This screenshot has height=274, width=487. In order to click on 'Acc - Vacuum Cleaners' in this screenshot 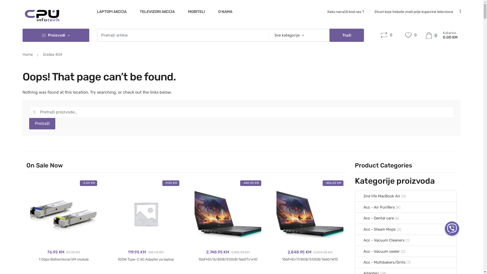, I will do `click(355, 240)`.